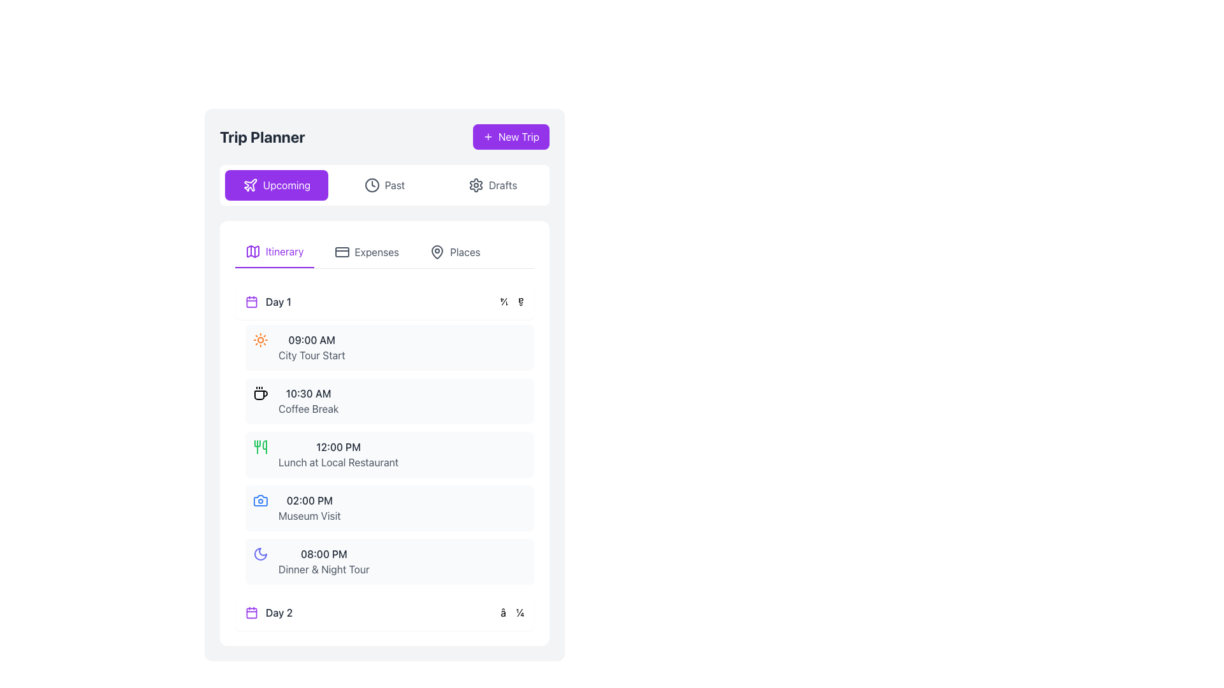  What do you see at coordinates (259, 554) in the screenshot?
I see `the moon icon located towards the lower right of the visible section, above the 'Day 2' label in the itinerary, which serves a decorative purpose related to night themes` at bounding box center [259, 554].